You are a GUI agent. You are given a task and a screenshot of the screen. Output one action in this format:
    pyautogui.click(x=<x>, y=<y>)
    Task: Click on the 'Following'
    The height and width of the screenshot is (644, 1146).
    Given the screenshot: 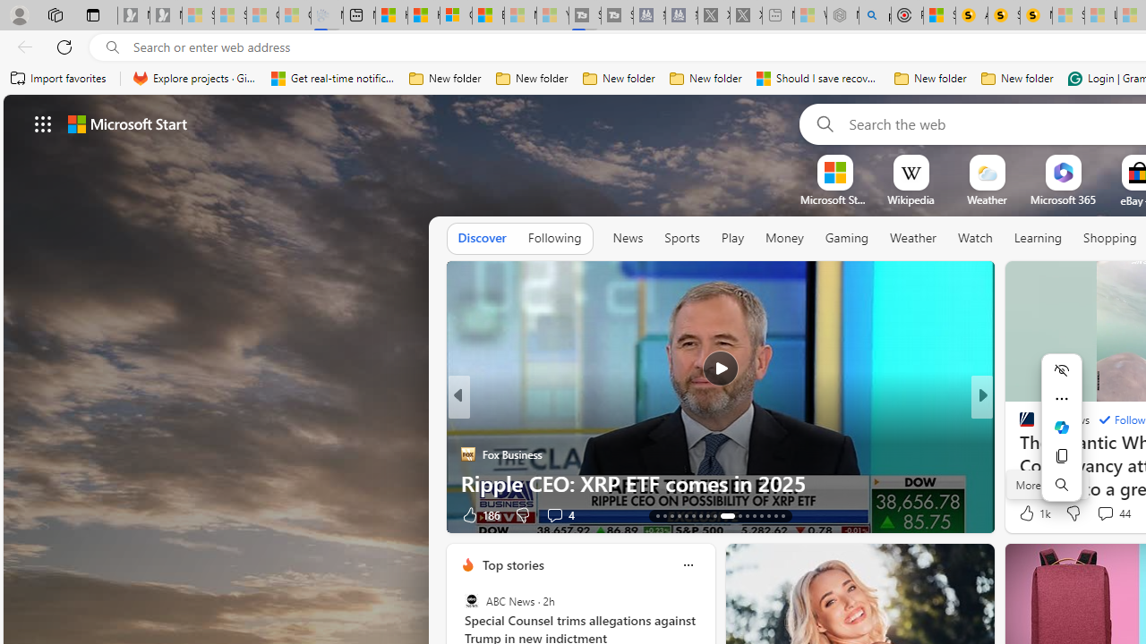 What is the action you would take?
    pyautogui.click(x=553, y=238)
    